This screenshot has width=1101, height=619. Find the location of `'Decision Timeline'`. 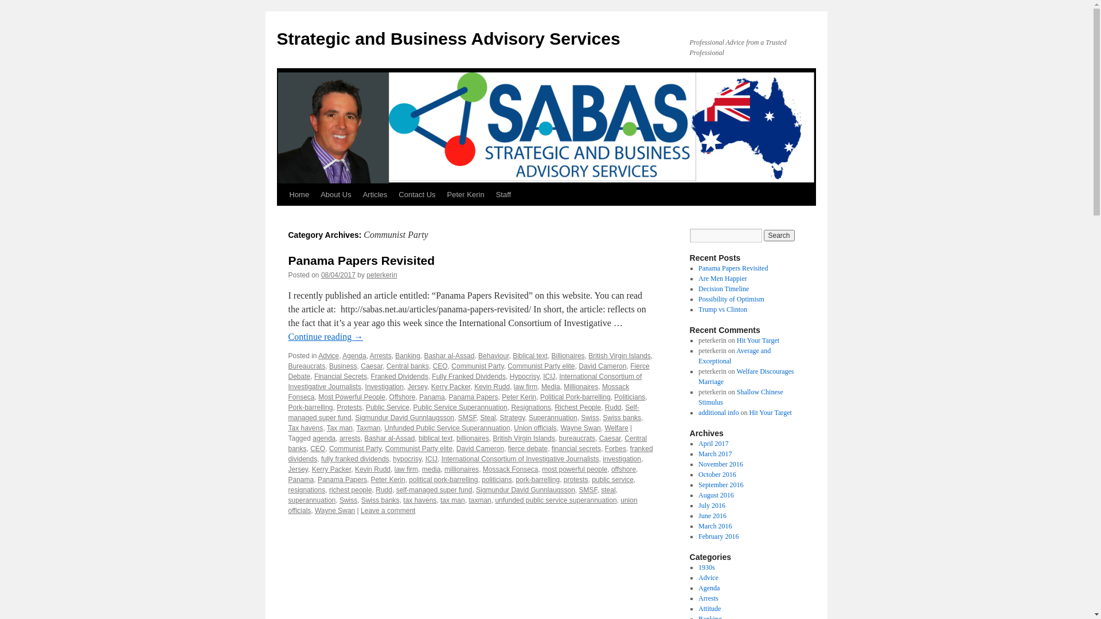

'Decision Timeline' is located at coordinates (723, 288).